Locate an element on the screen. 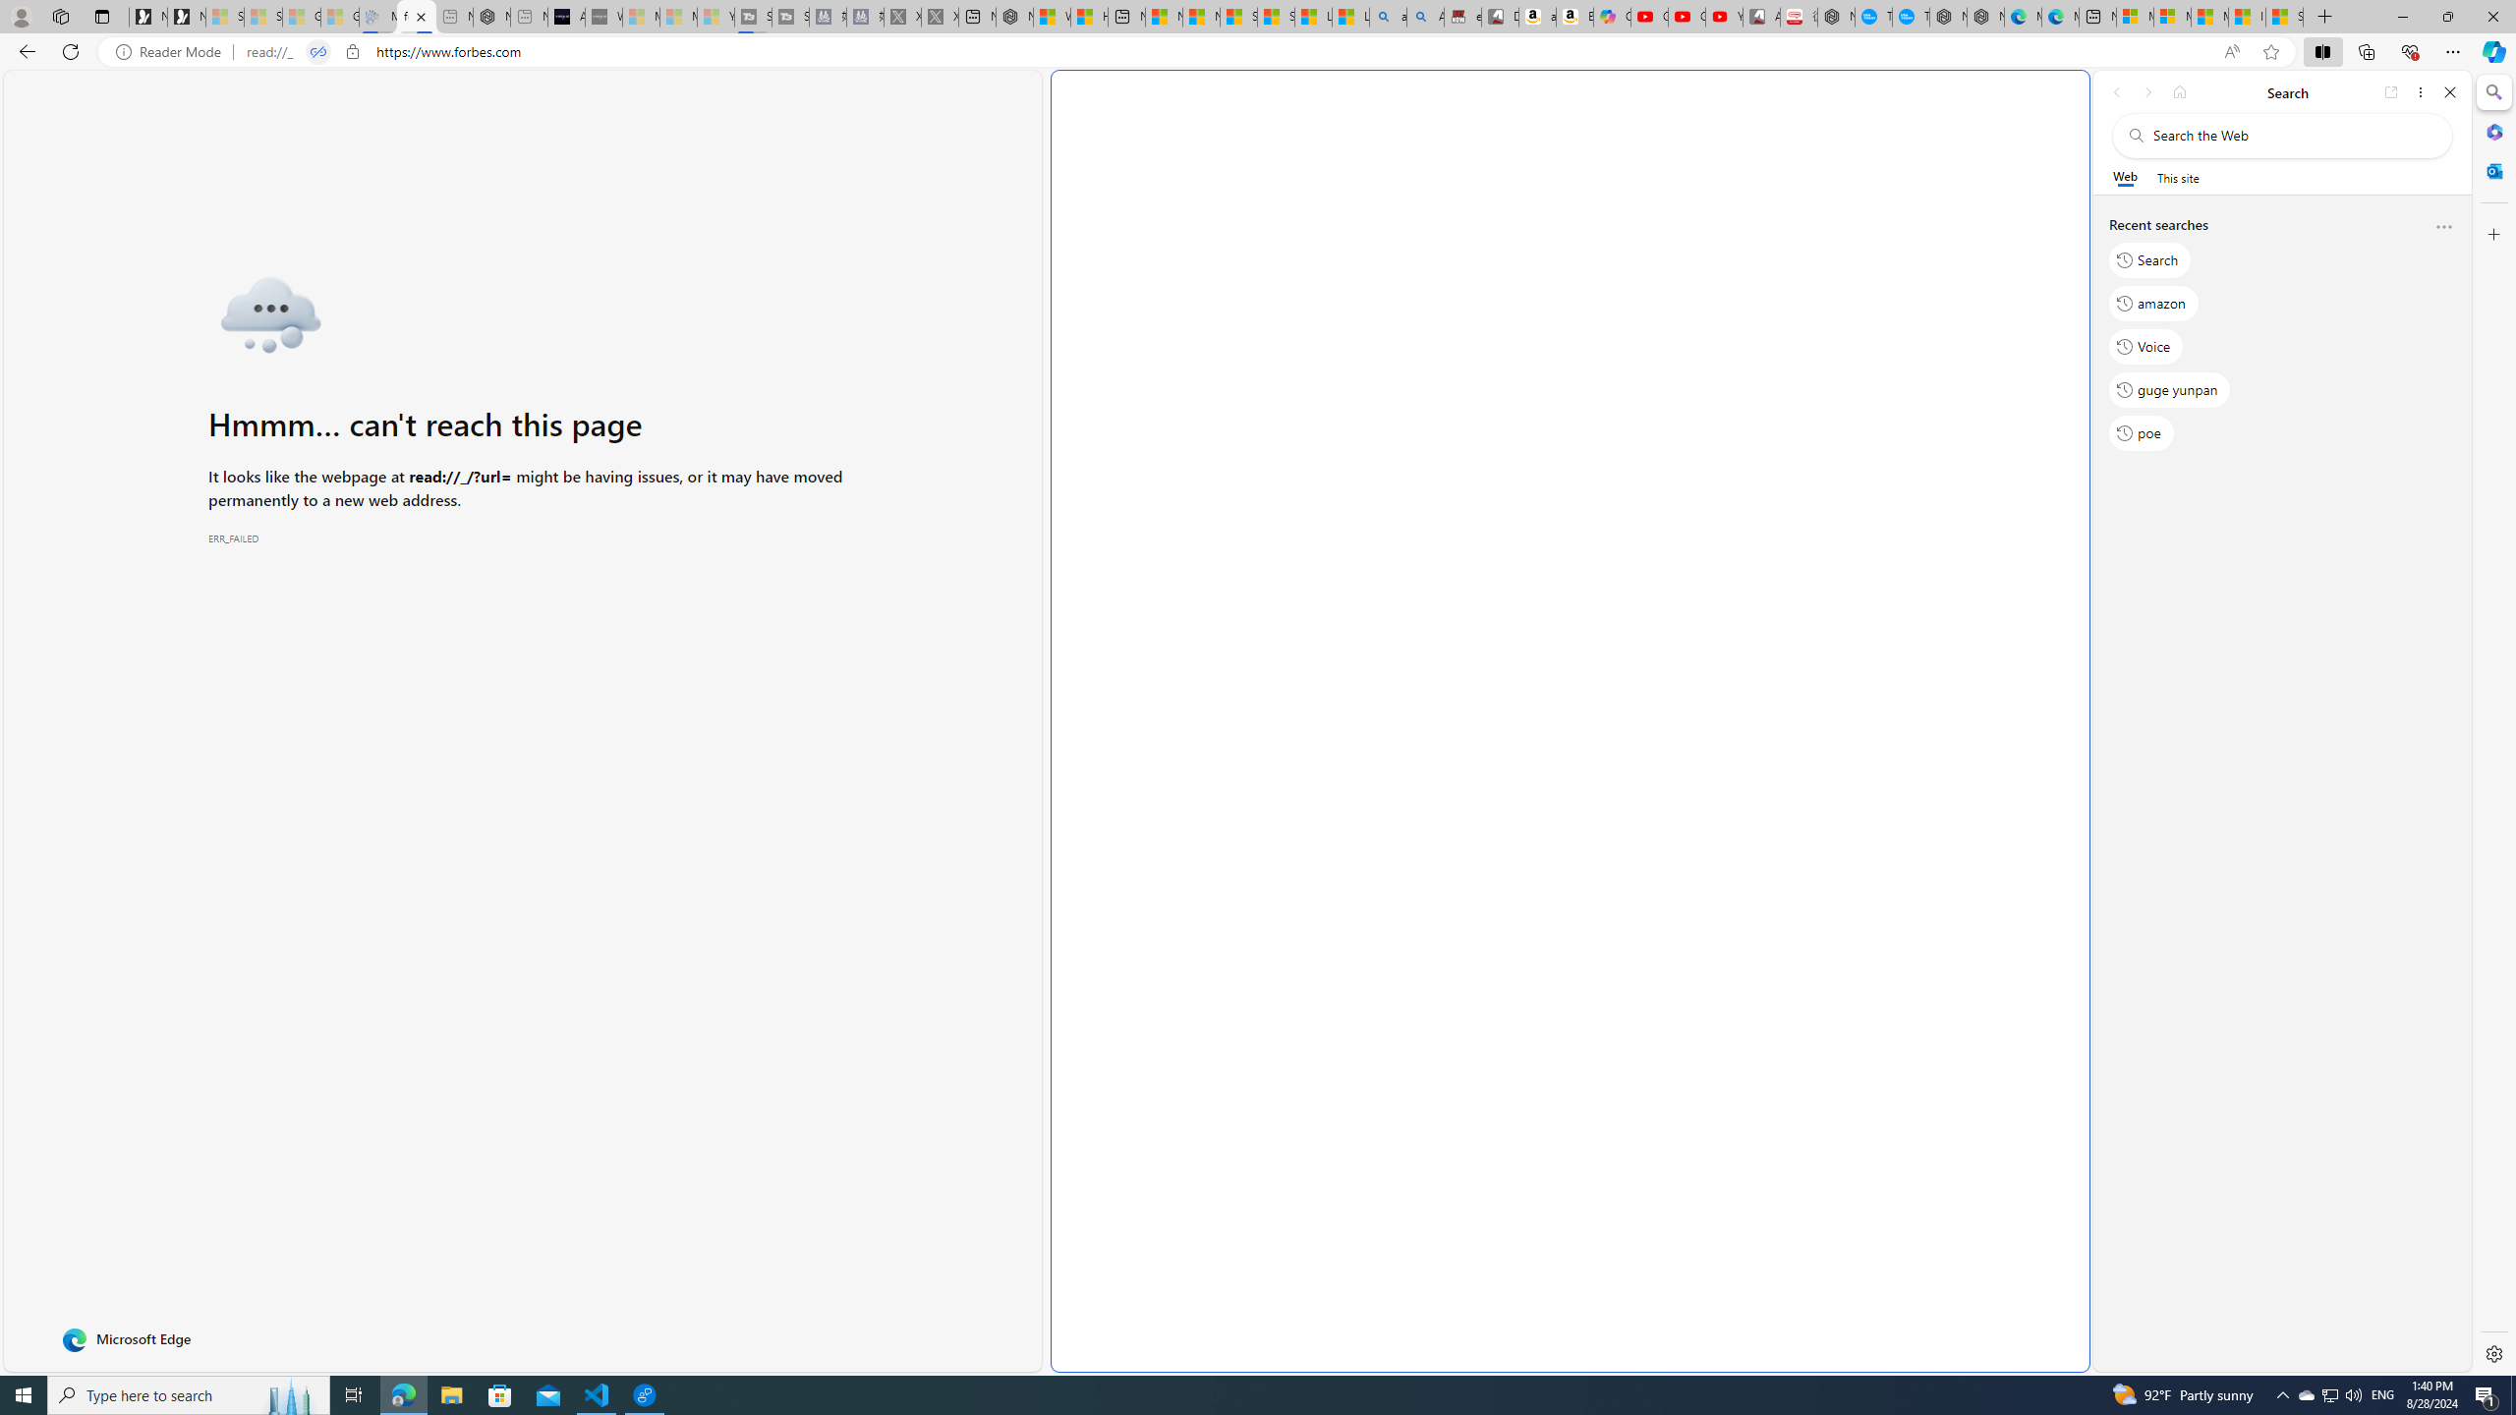 This screenshot has height=1415, width=2516. 'This site scope' is located at coordinates (2176, 177).